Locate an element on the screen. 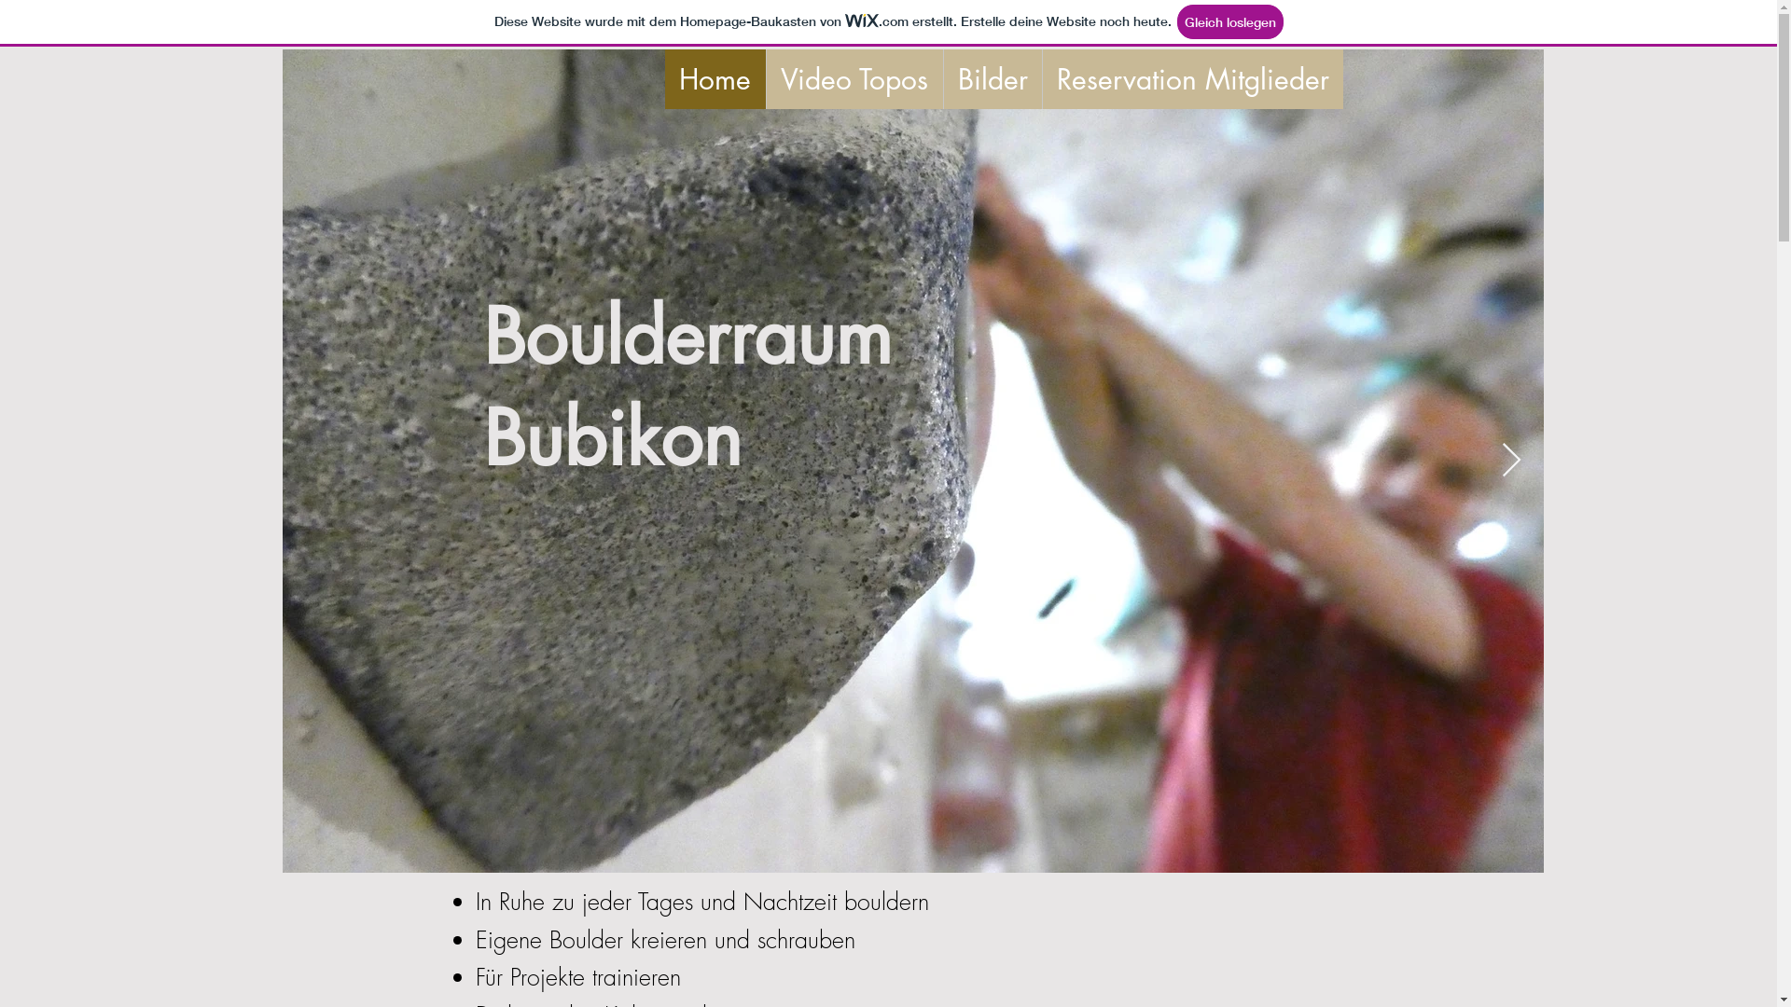 Image resolution: width=1791 pixels, height=1007 pixels. 'Video Topos' is located at coordinates (853, 77).